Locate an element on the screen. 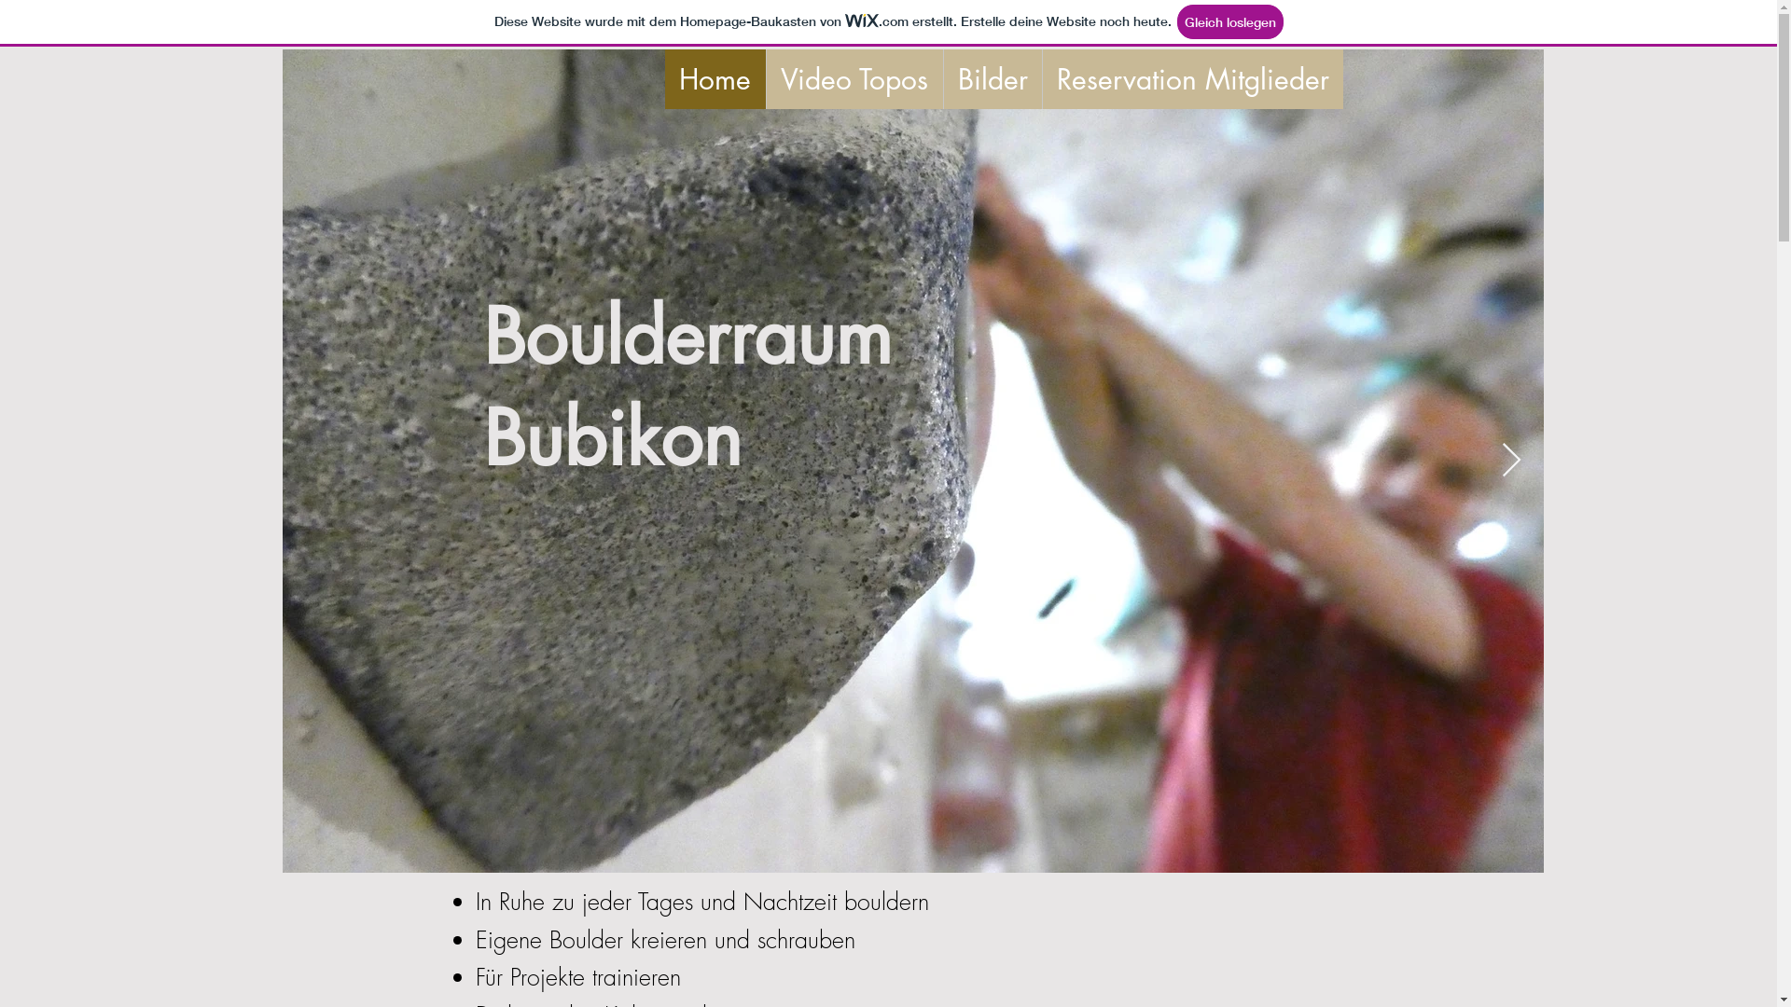 Image resolution: width=1791 pixels, height=1007 pixels. 'Video Topos' is located at coordinates (853, 77).